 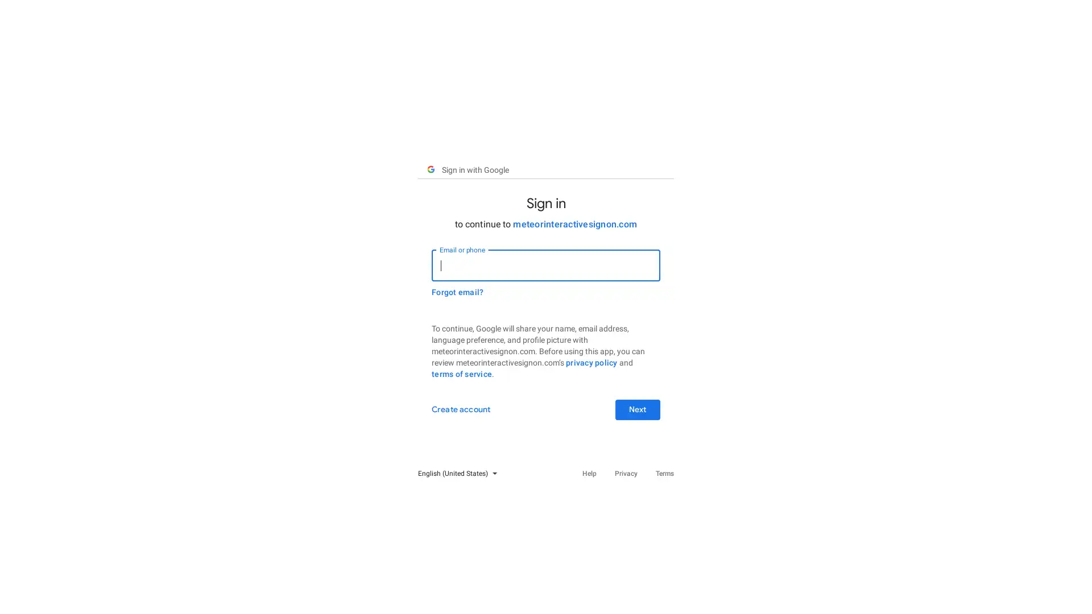 What do you see at coordinates (467, 298) in the screenshot?
I see `Forgot email?` at bounding box center [467, 298].